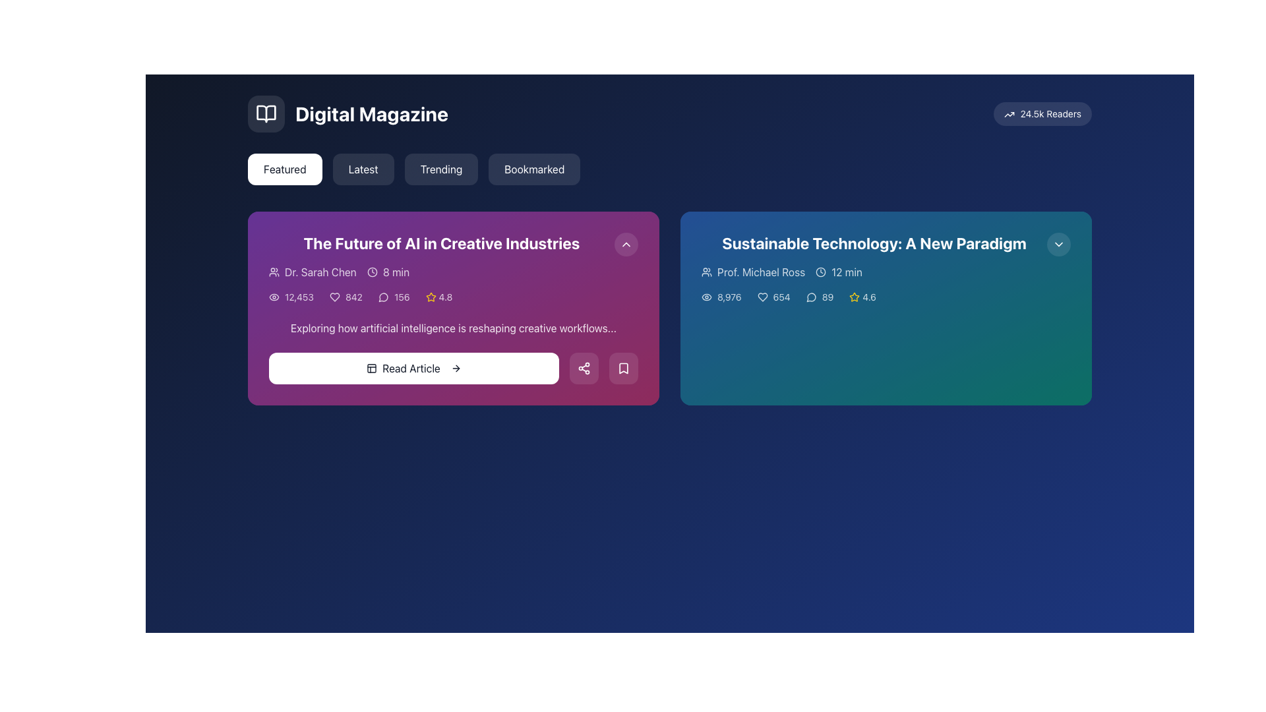  Describe the element at coordinates (346, 297) in the screenshot. I see `the heart icon of the engagement metric displaying '842' located below the title 'The Future of AI in Creative Industries' on the left card` at that location.